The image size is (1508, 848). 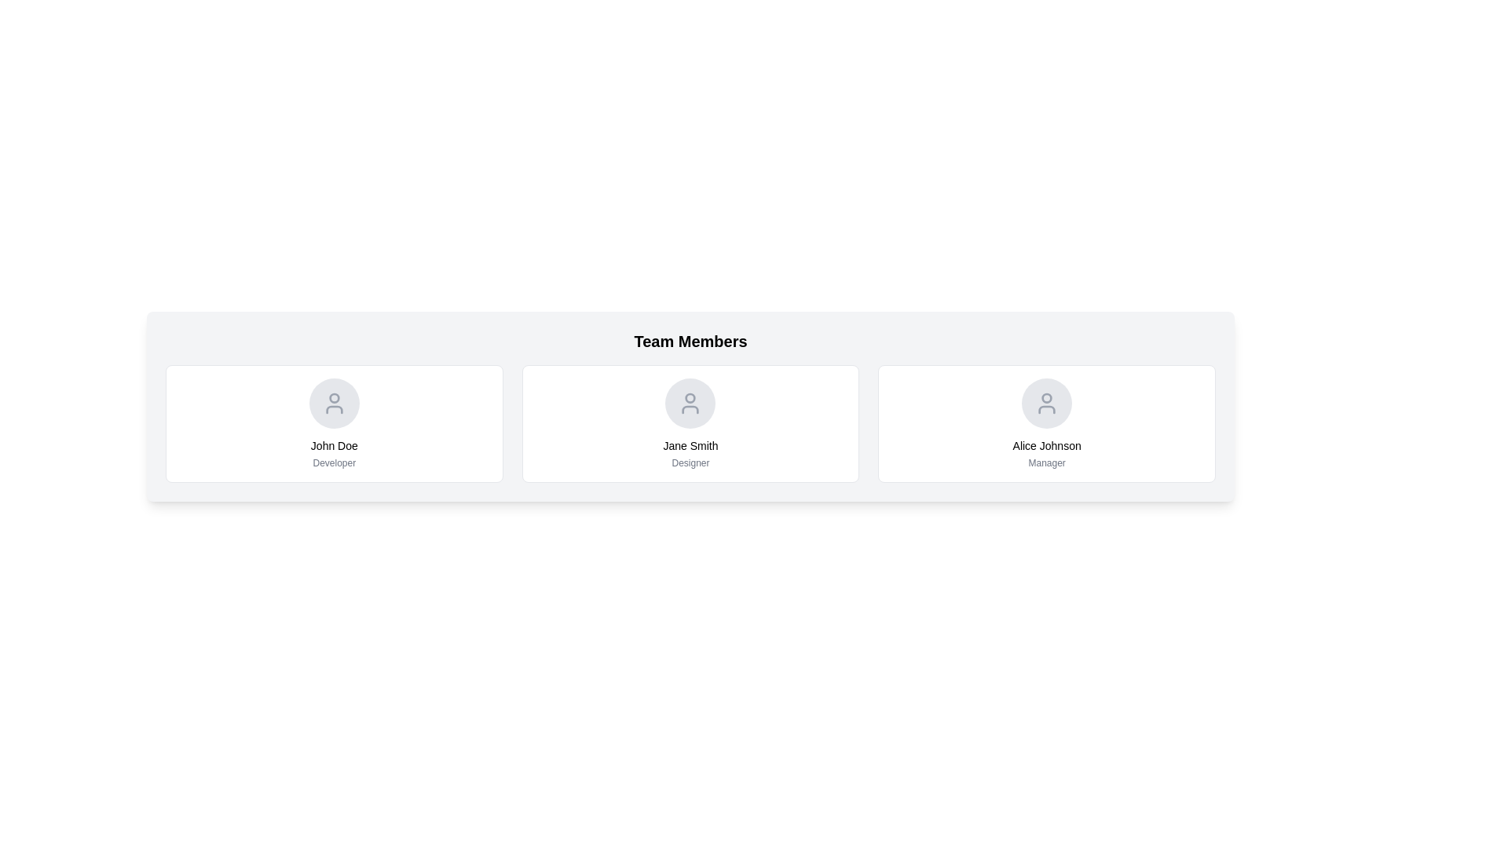 What do you see at coordinates (333, 397) in the screenshot?
I see `the circular graphical element representing the profile avatar of 'John Doe' in the first card of the 'Team Members' section` at bounding box center [333, 397].